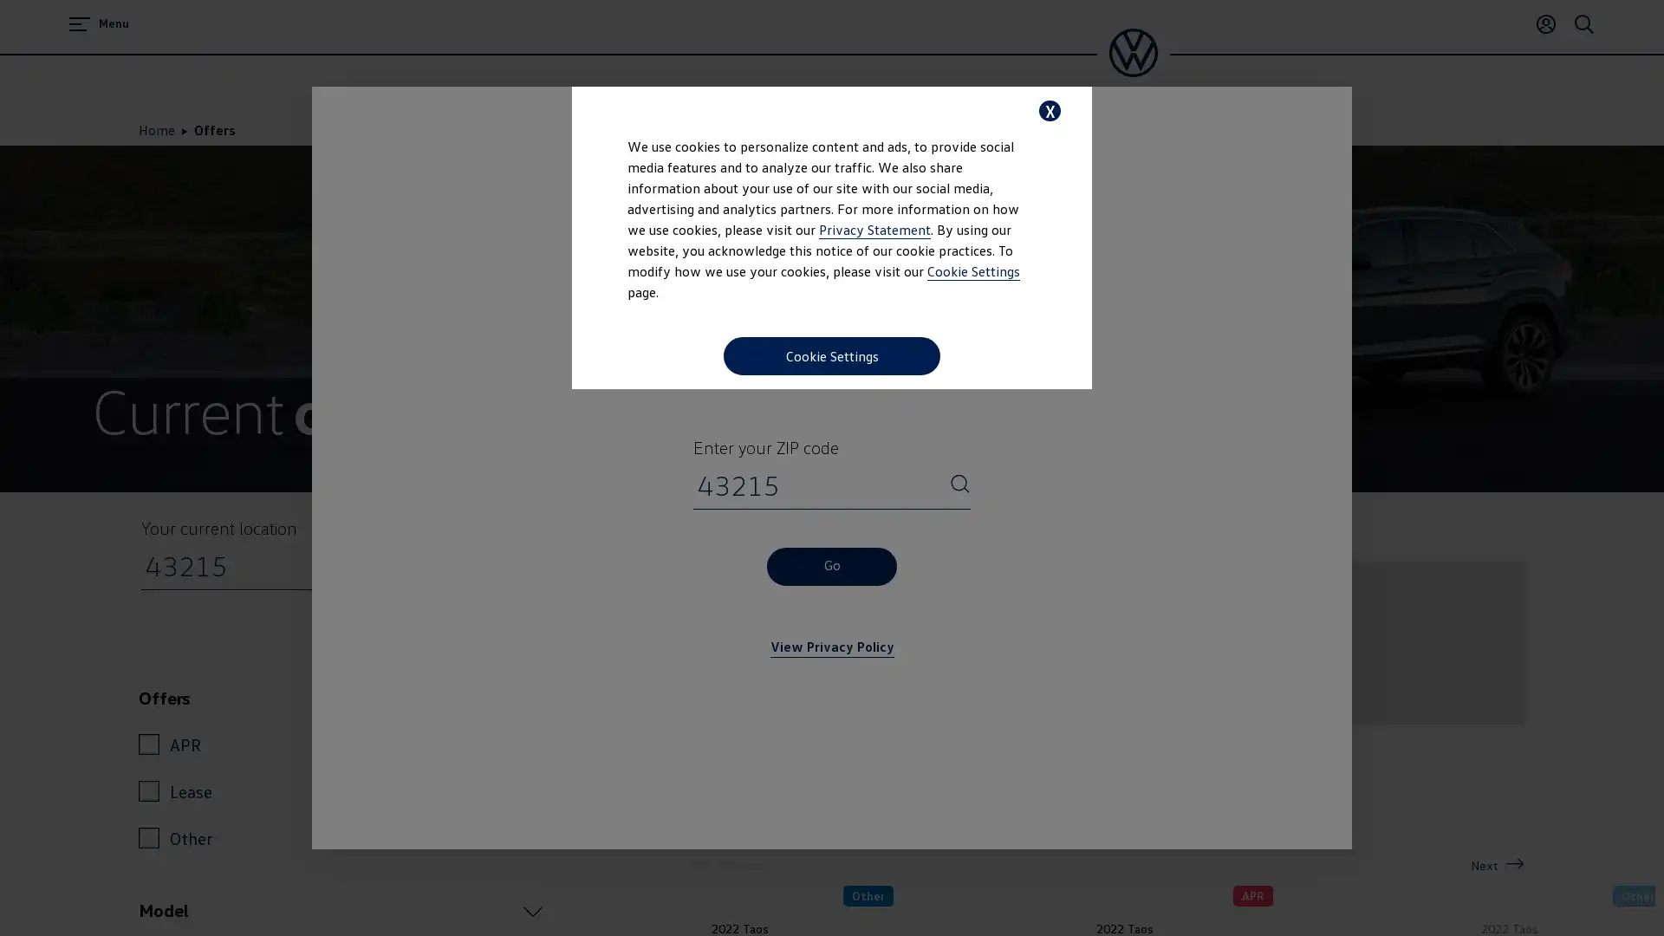  Describe the element at coordinates (832, 565) in the screenshot. I see `Go` at that location.